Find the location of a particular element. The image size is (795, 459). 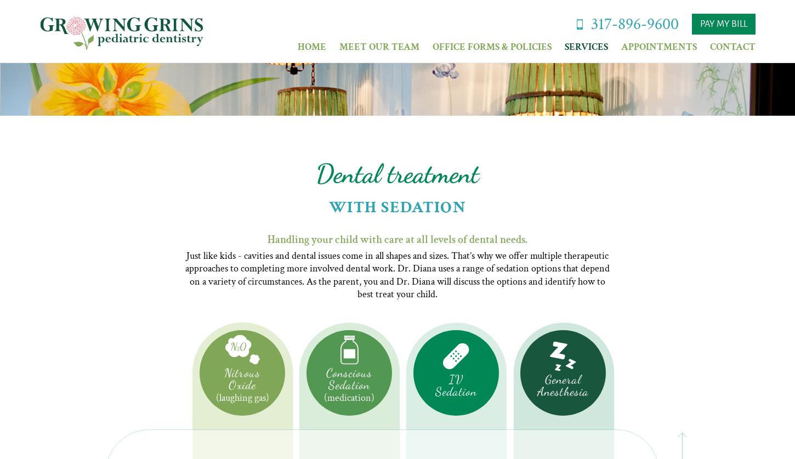

'Handling your child with care at all levels of dental needs.' is located at coordinates (268, 238).